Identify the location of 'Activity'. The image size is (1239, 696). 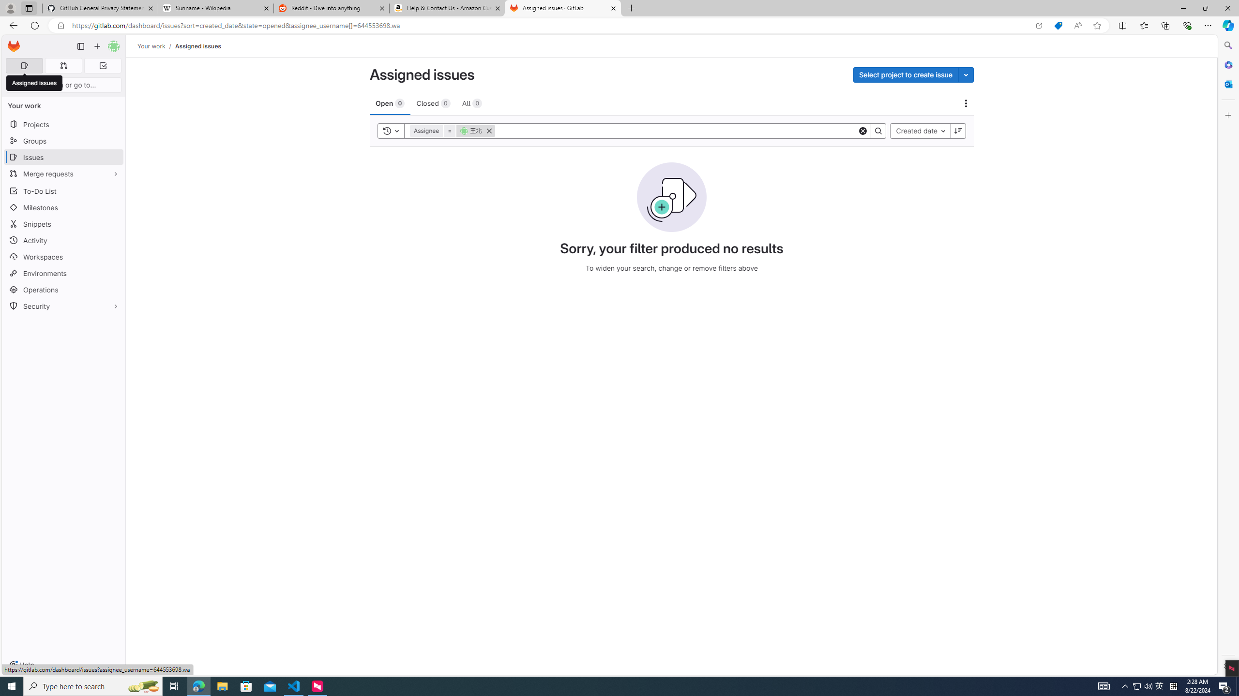
(63, 240).